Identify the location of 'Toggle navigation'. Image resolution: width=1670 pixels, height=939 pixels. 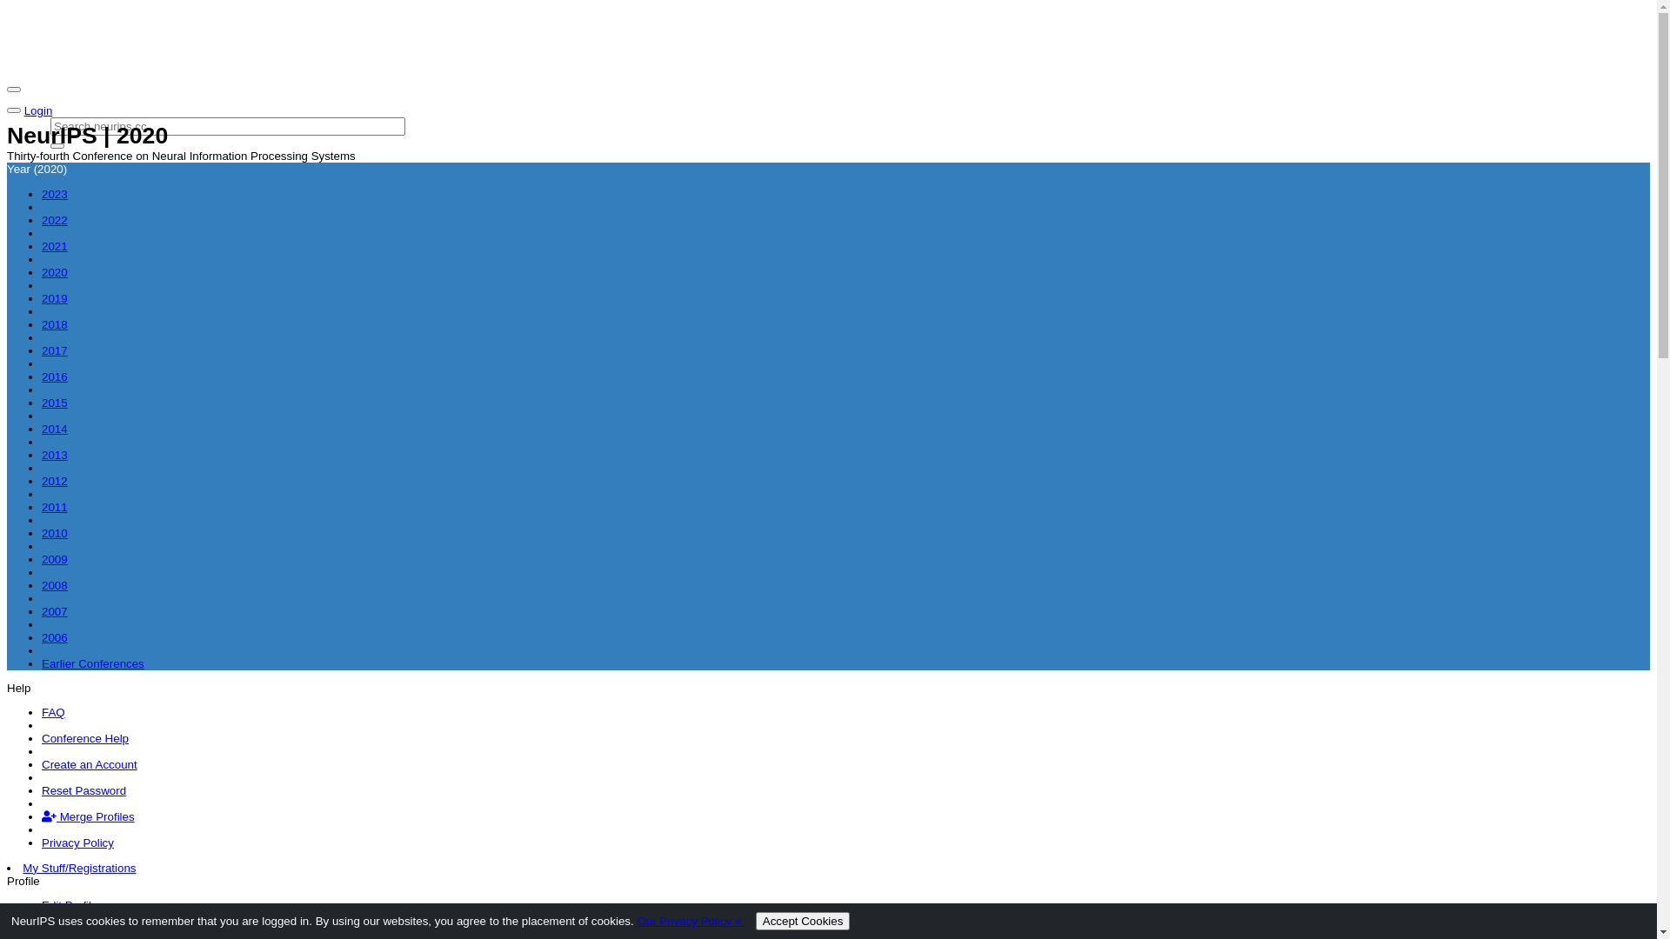
(13, 90).